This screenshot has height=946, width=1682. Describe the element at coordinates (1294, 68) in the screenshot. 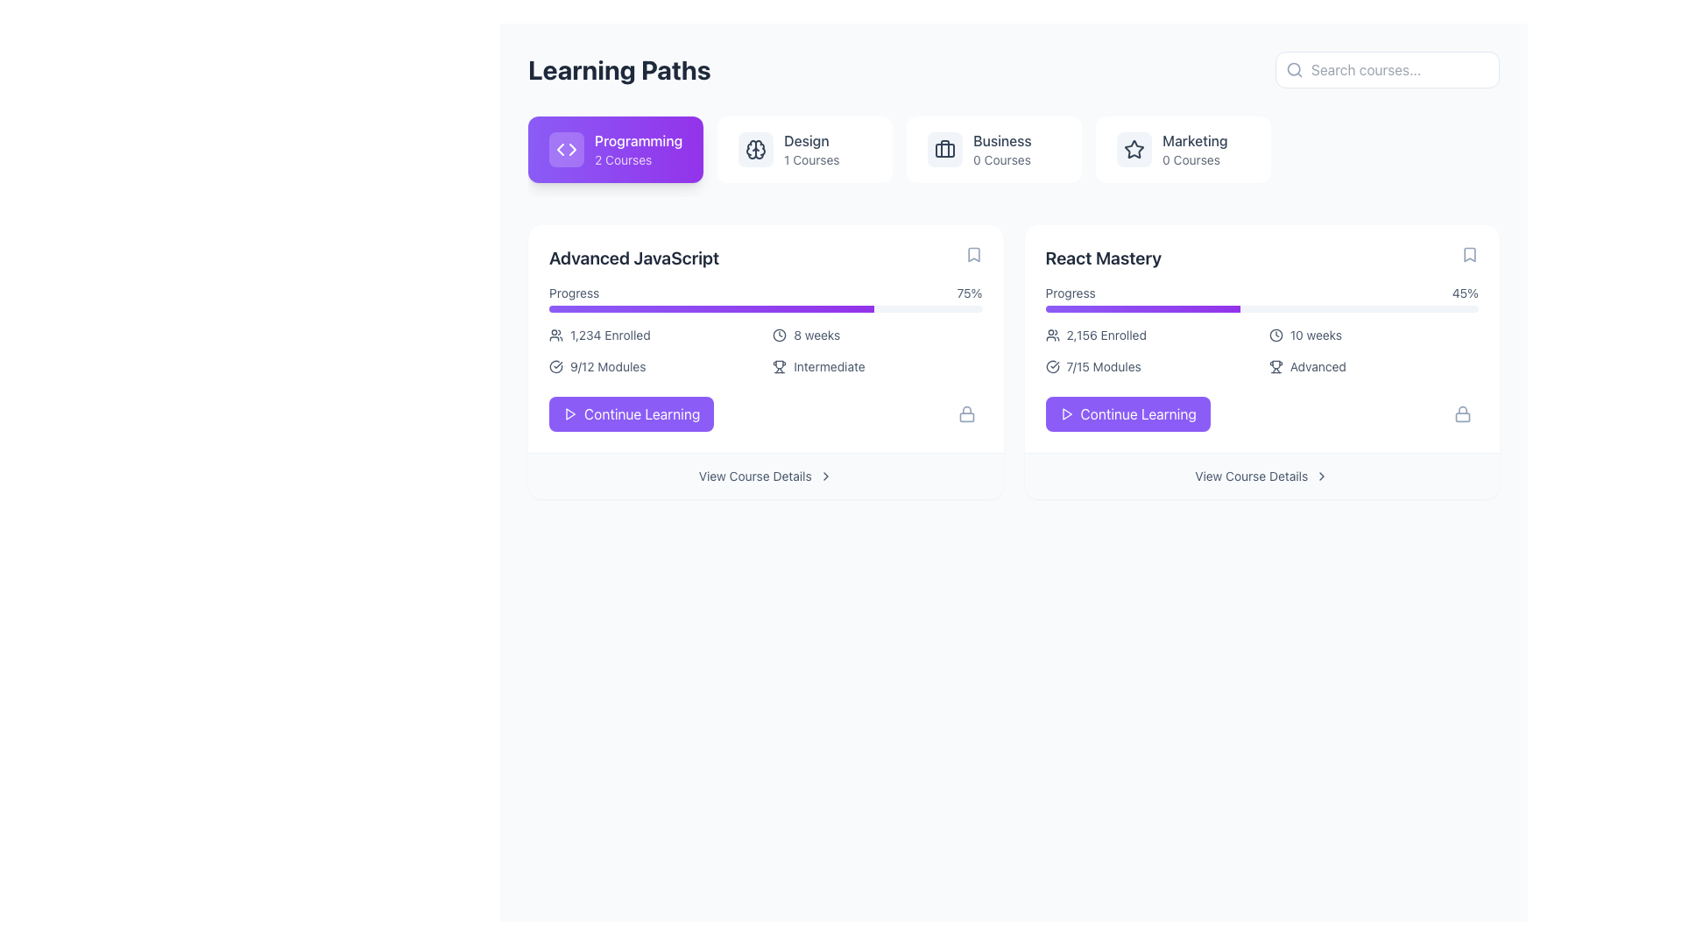

I see `the circular decorative element that forms part of the search icon in the top-right section of the UI` at that location.